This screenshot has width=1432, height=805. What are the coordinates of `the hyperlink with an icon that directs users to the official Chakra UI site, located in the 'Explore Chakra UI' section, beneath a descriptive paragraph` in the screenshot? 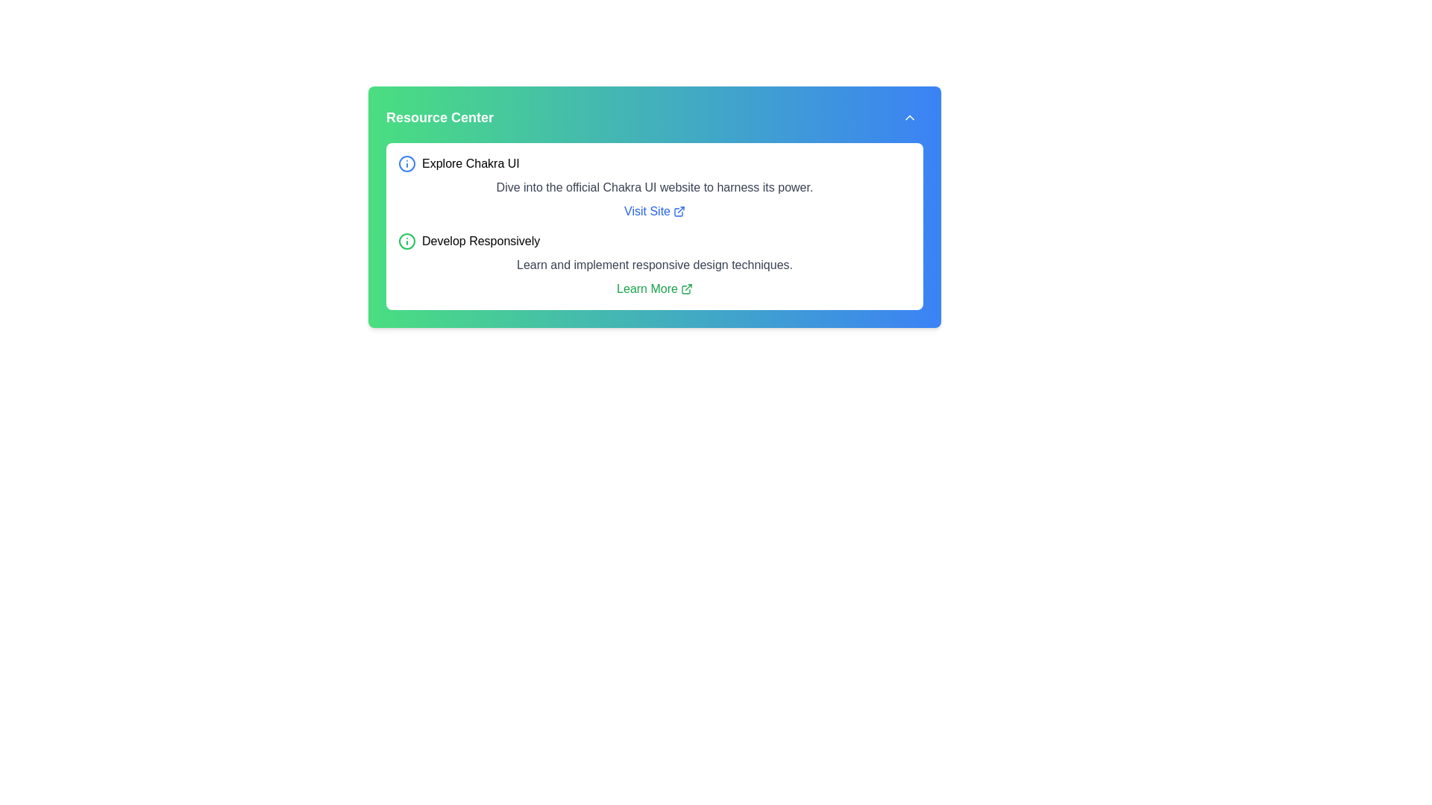 It's located at (655, 212).